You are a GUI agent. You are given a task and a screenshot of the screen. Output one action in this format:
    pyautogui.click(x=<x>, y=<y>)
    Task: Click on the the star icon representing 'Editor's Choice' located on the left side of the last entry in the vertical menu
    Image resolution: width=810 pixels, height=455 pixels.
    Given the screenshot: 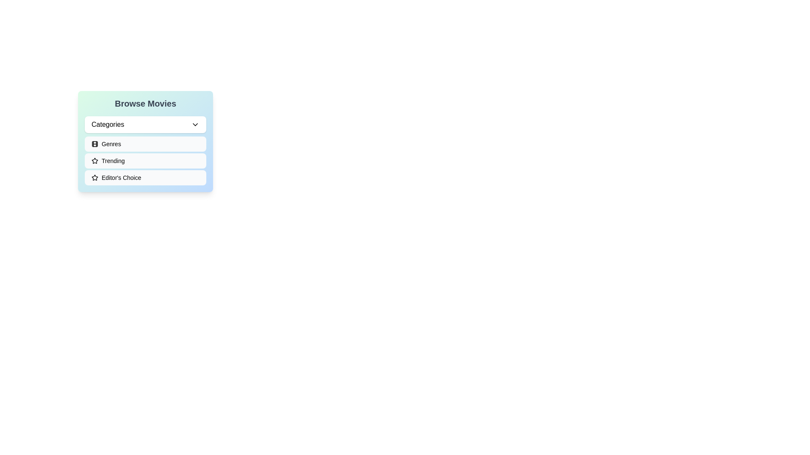 What is the action you would take?
    pyautogui.click(x=95, y=177)
    